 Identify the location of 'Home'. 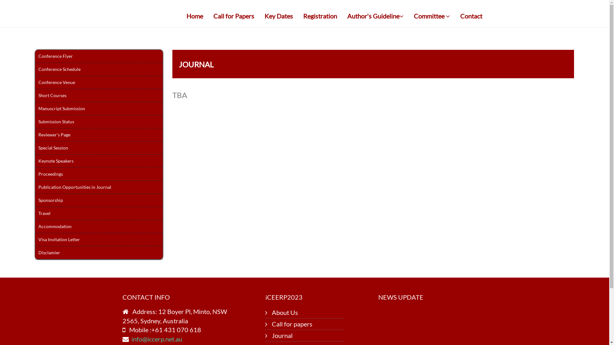
(194, 16).